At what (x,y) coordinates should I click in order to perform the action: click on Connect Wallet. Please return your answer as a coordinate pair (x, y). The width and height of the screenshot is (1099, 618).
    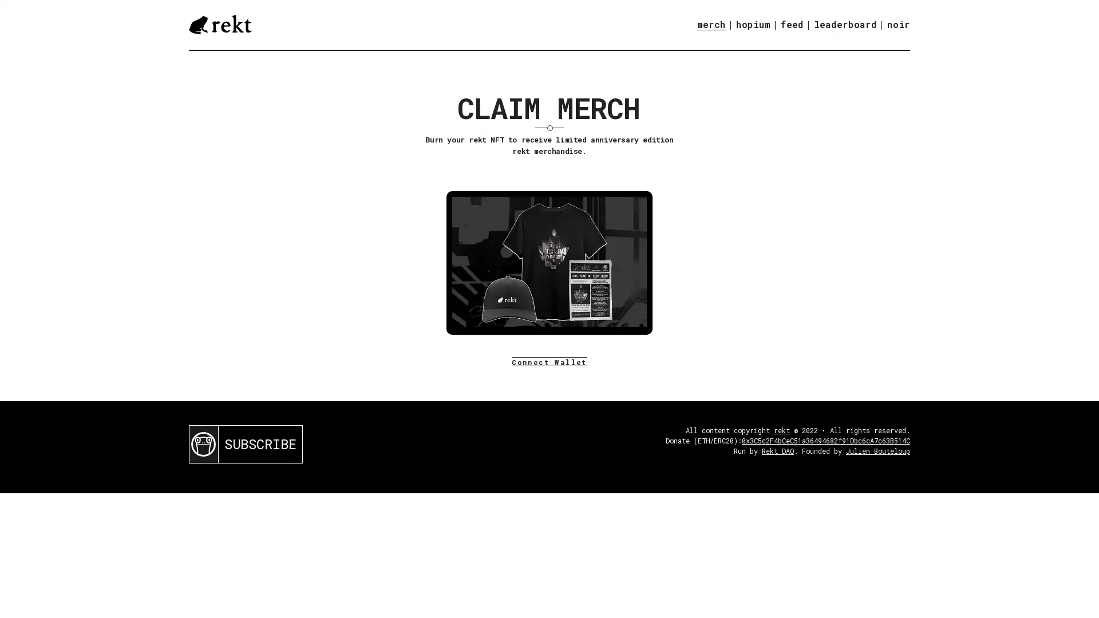
    Looking at the image, I should click on (548, 362).